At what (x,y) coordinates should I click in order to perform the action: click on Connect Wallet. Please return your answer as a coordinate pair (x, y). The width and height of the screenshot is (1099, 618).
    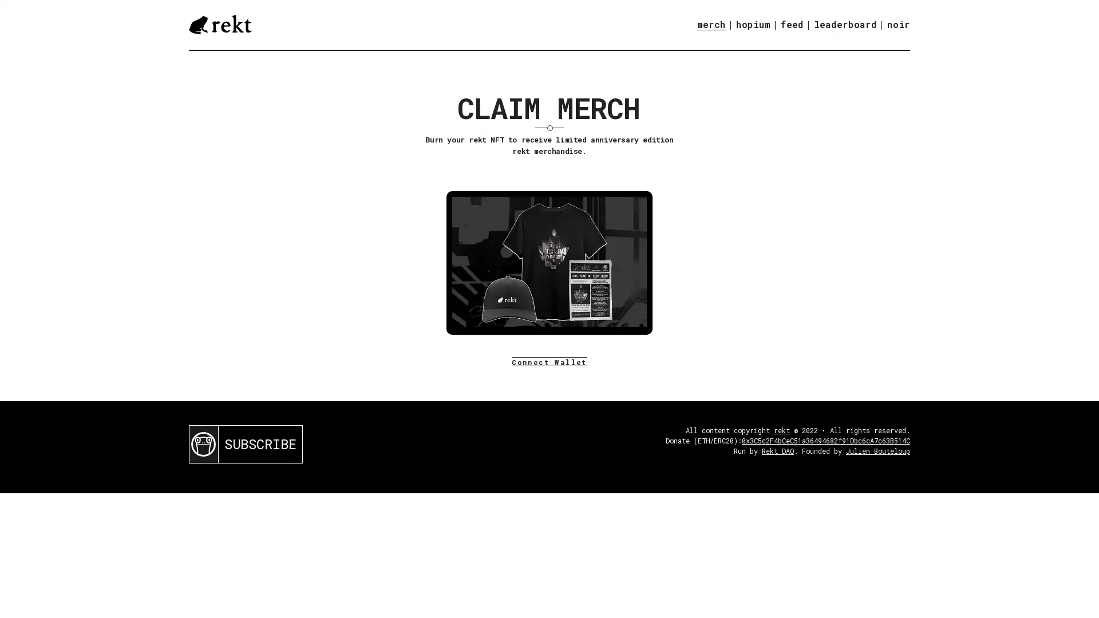
    Looking at the image, I should click on (548, 362).